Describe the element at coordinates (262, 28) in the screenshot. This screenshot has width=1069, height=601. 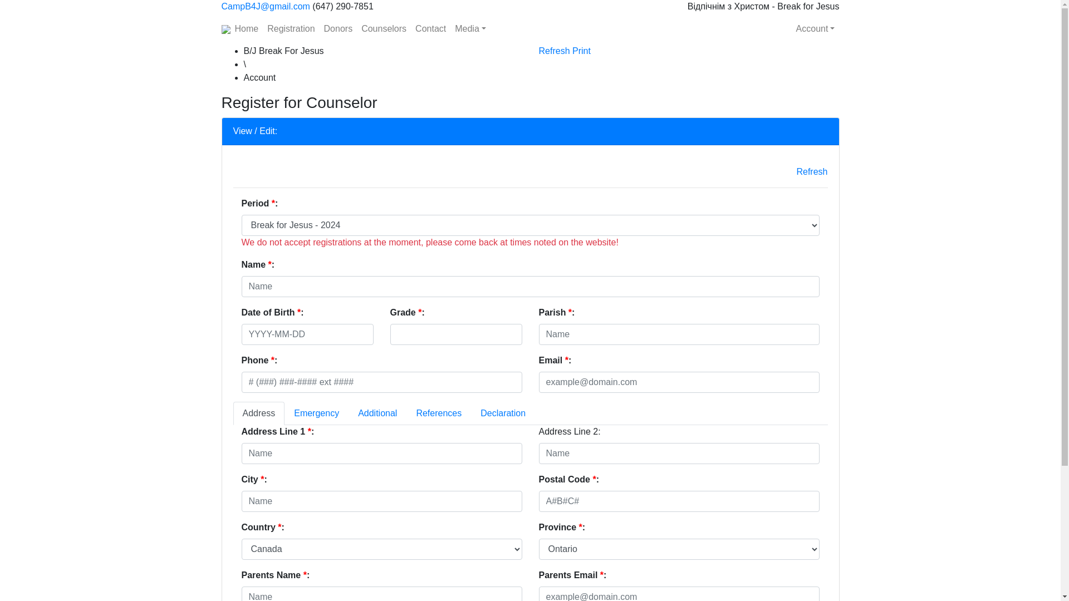
I see `'Registration'` at that location.